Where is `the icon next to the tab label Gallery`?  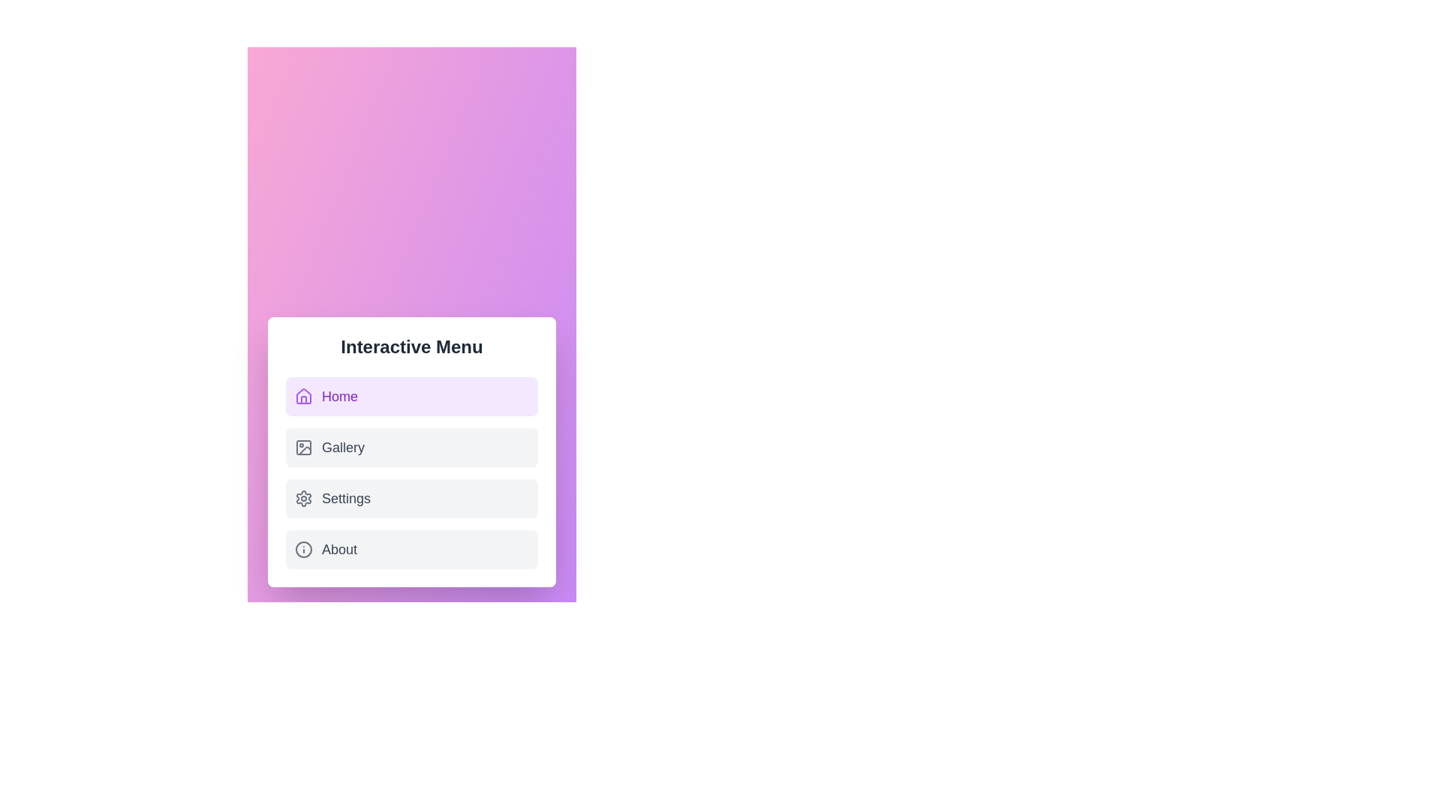
the icon next to the tab label Gallery is located at coordinates (302, 447).